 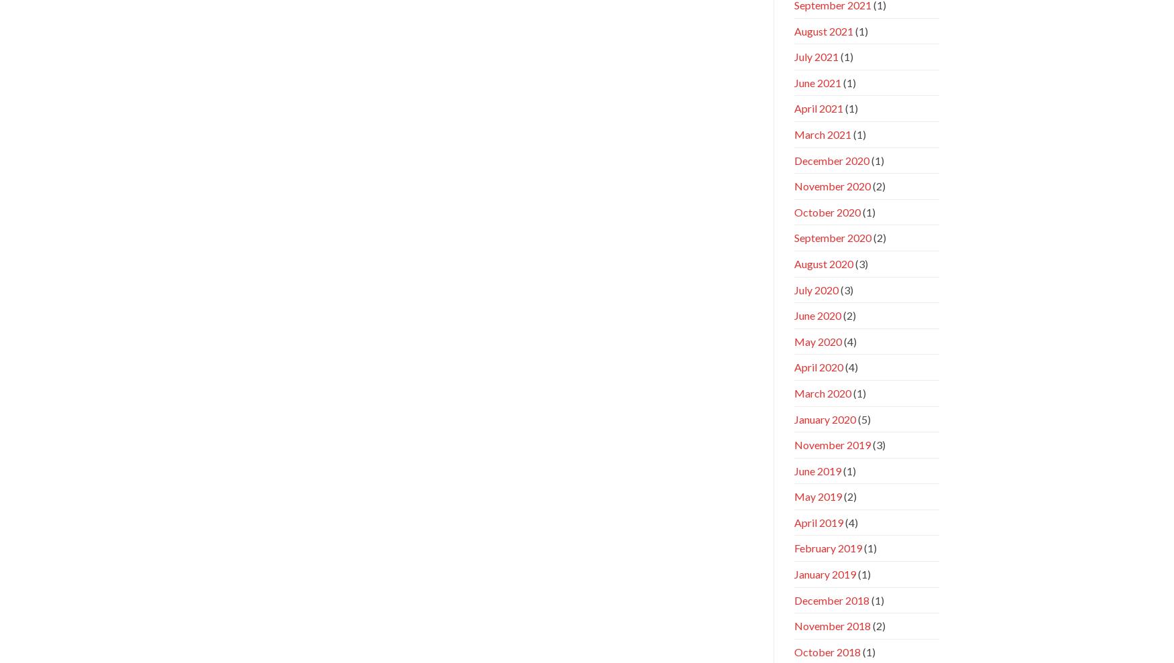 I want to click on 'March 2021', so click(x=822, y=133).